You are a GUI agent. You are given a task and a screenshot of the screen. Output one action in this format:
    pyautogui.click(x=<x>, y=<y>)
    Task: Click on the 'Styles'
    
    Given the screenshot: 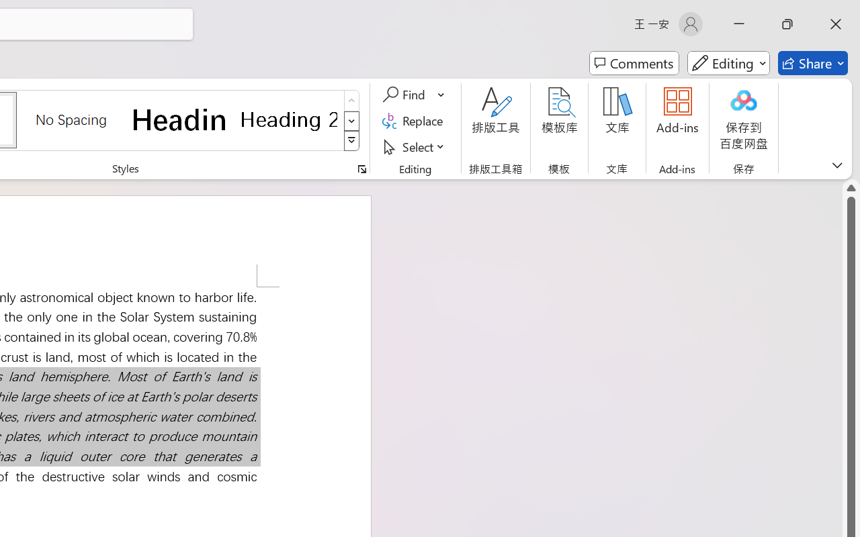 What is the action you would take?
    pyautogui.click(x=351, y=141)
    